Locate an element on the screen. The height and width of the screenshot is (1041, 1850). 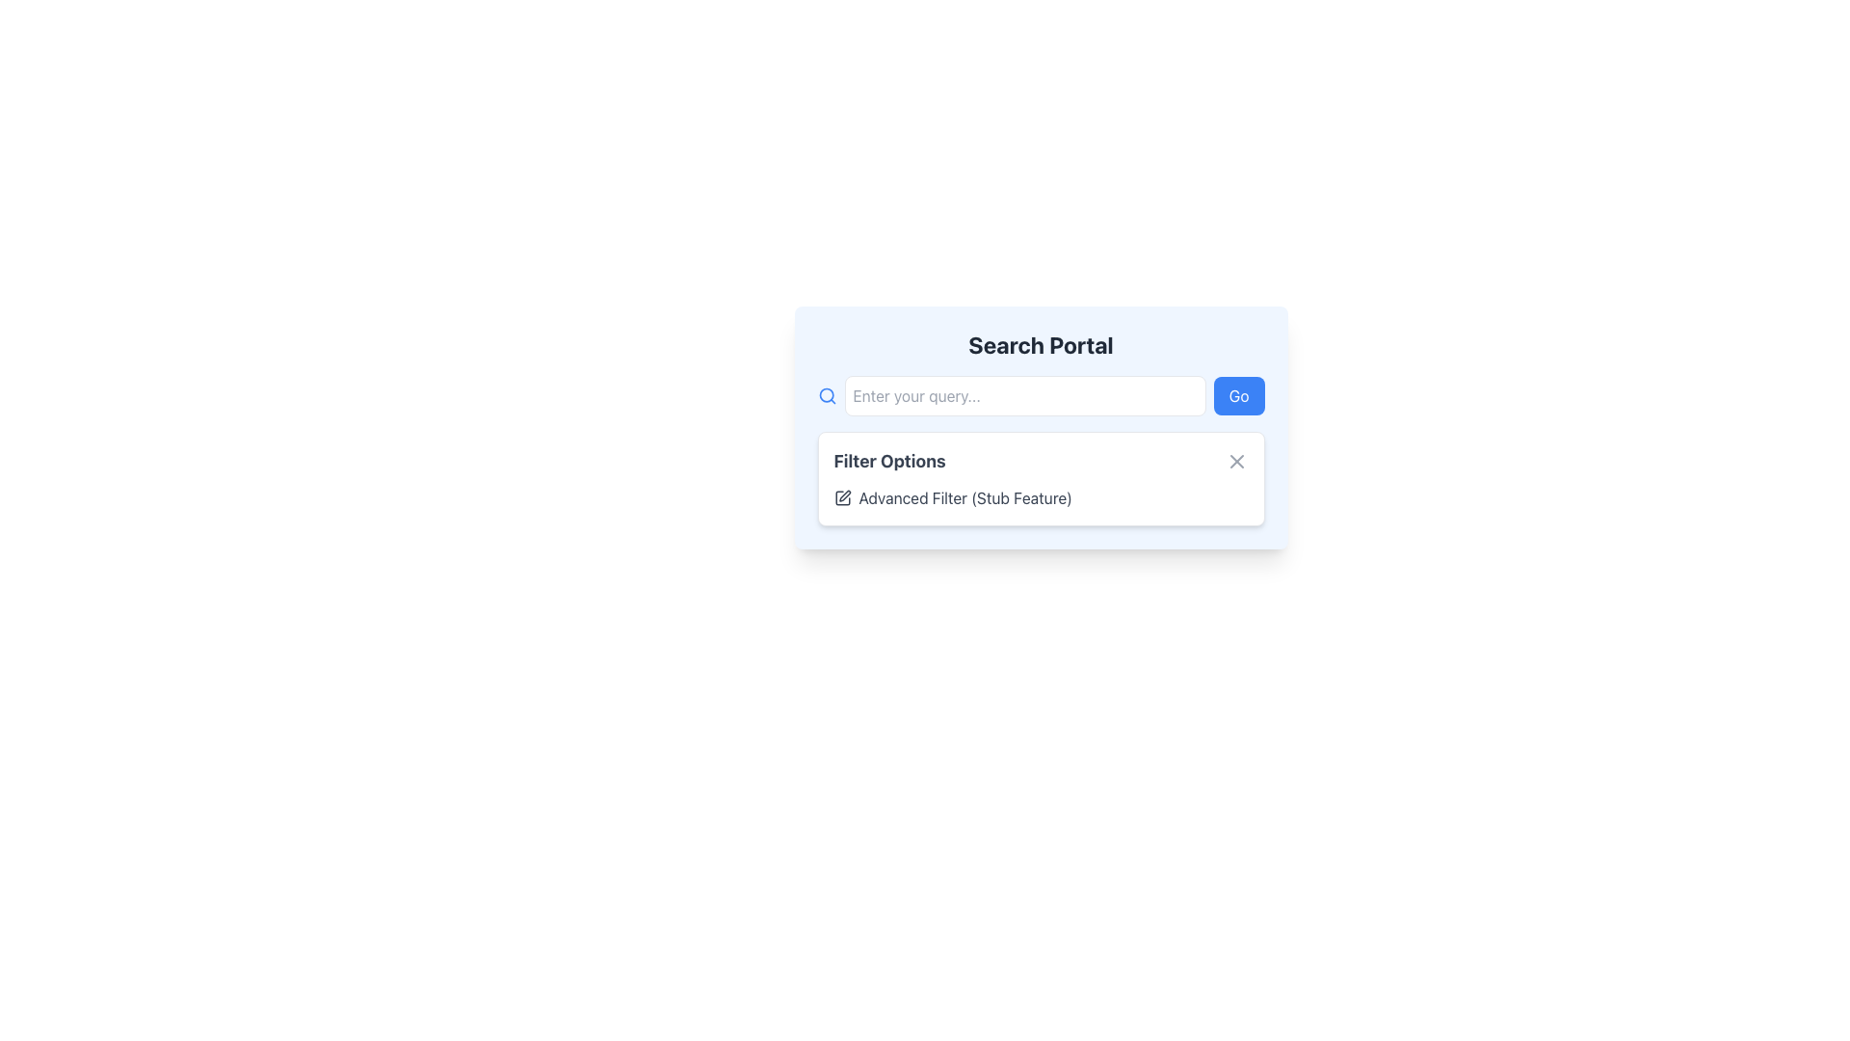
the pen-shaped icon preceding the label 'Advanced Filter (Stub Feature)' is located at coordinates (844, 494).